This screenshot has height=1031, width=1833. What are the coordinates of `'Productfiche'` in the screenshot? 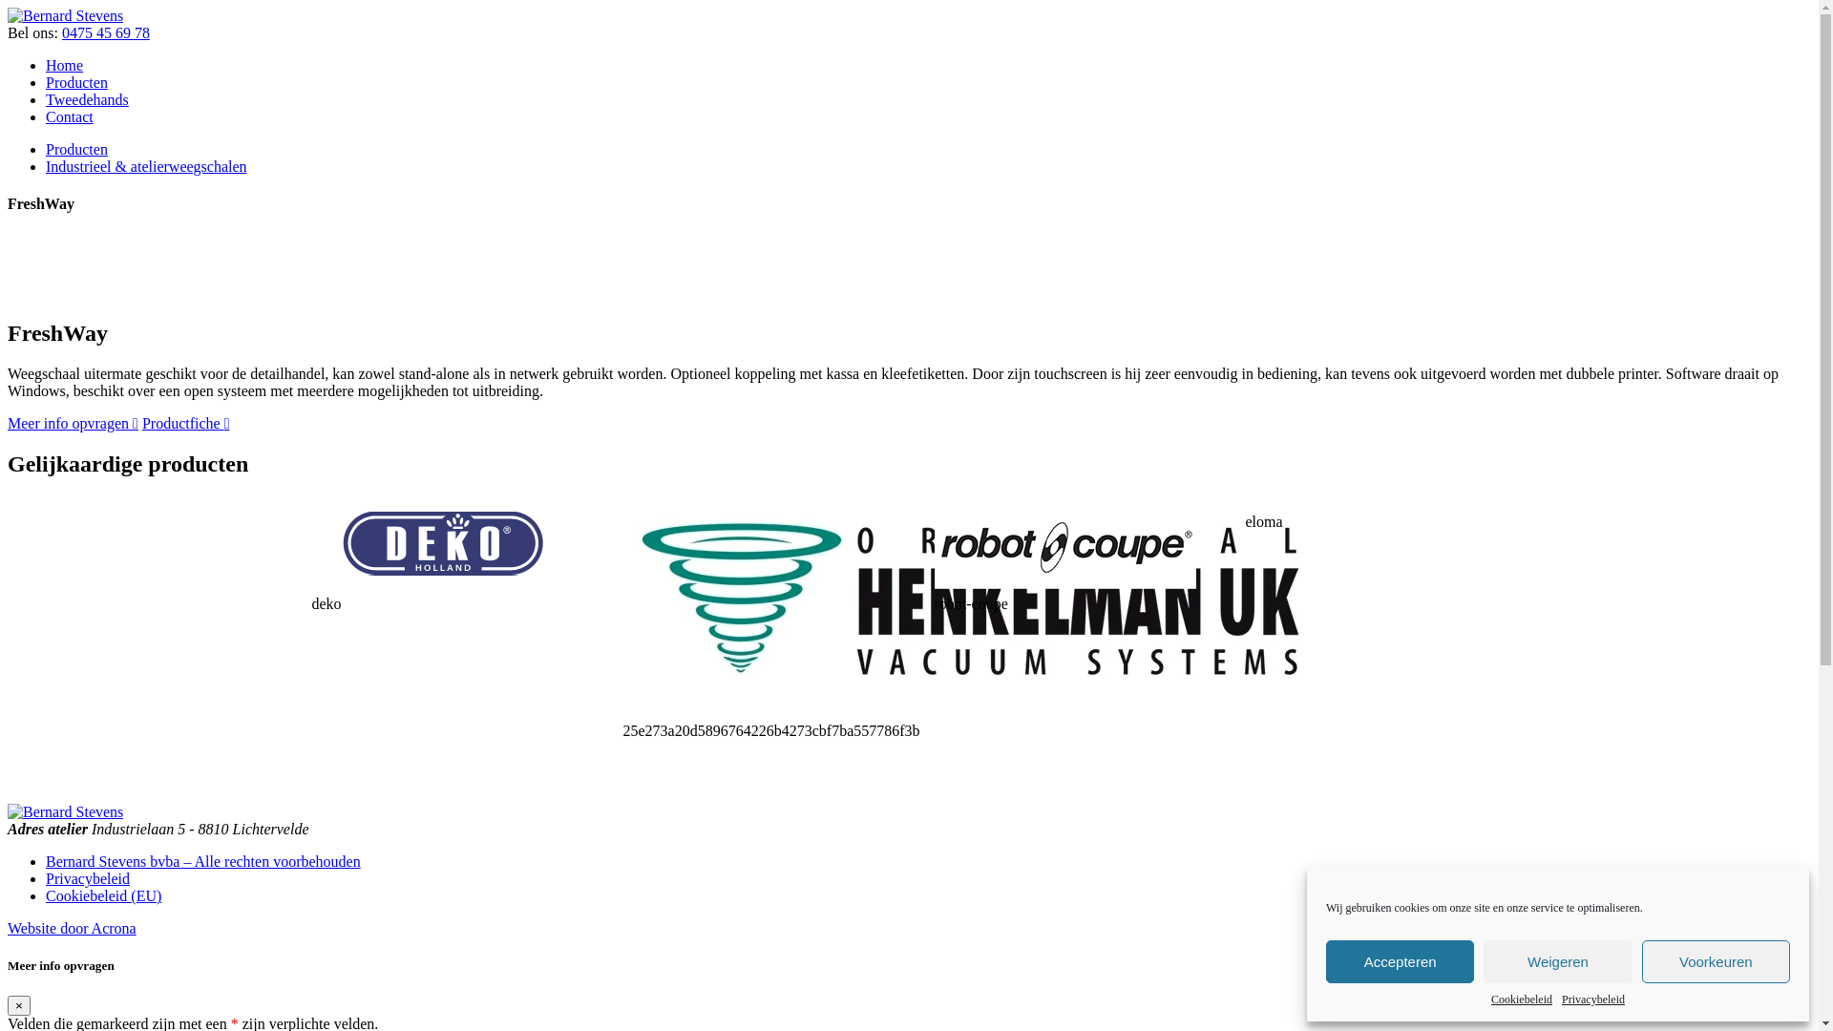 It's located at (186, 422).